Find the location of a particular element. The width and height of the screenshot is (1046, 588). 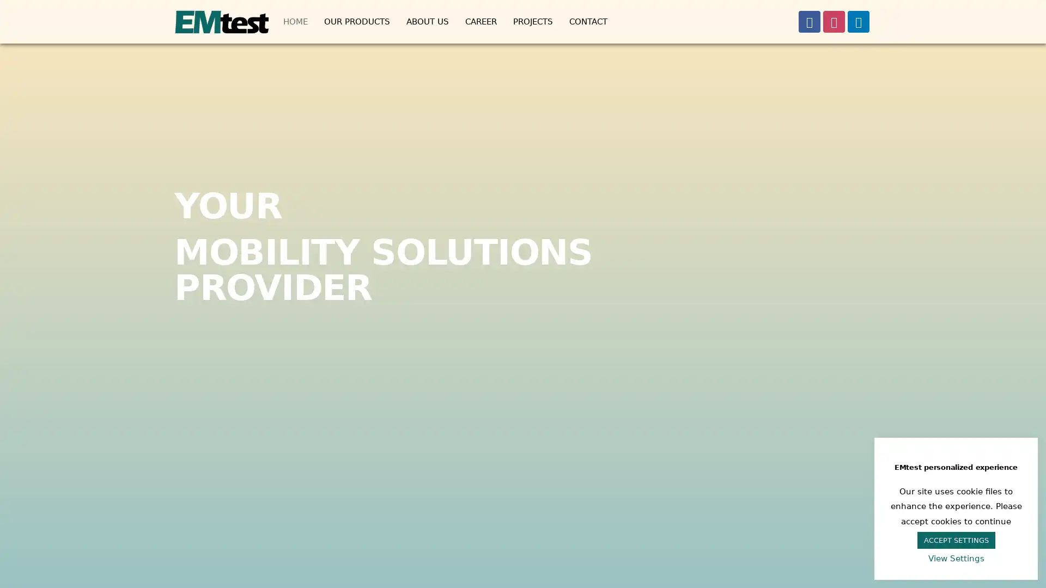

View Settings is located at coordinates (955, 559).